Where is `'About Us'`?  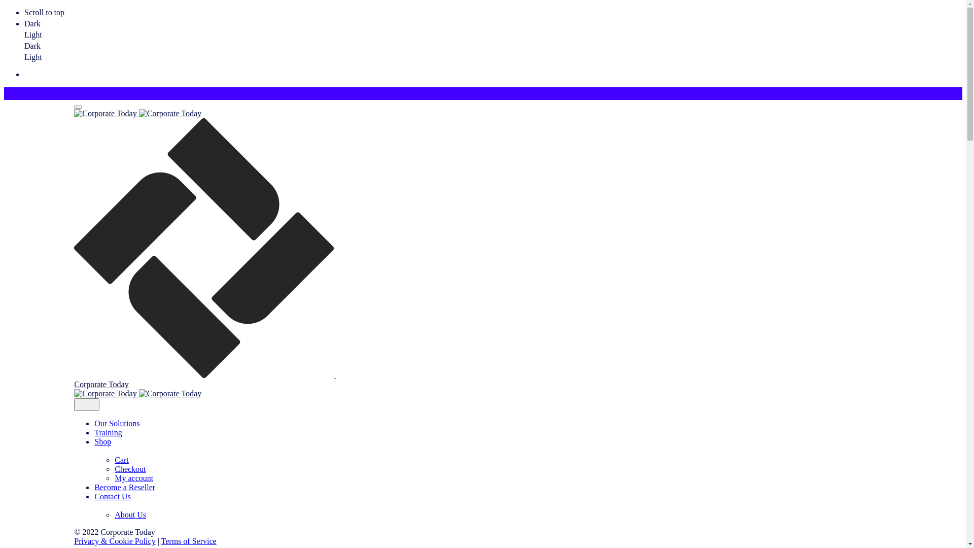
'About Us' is located at coordinates (114, 515).